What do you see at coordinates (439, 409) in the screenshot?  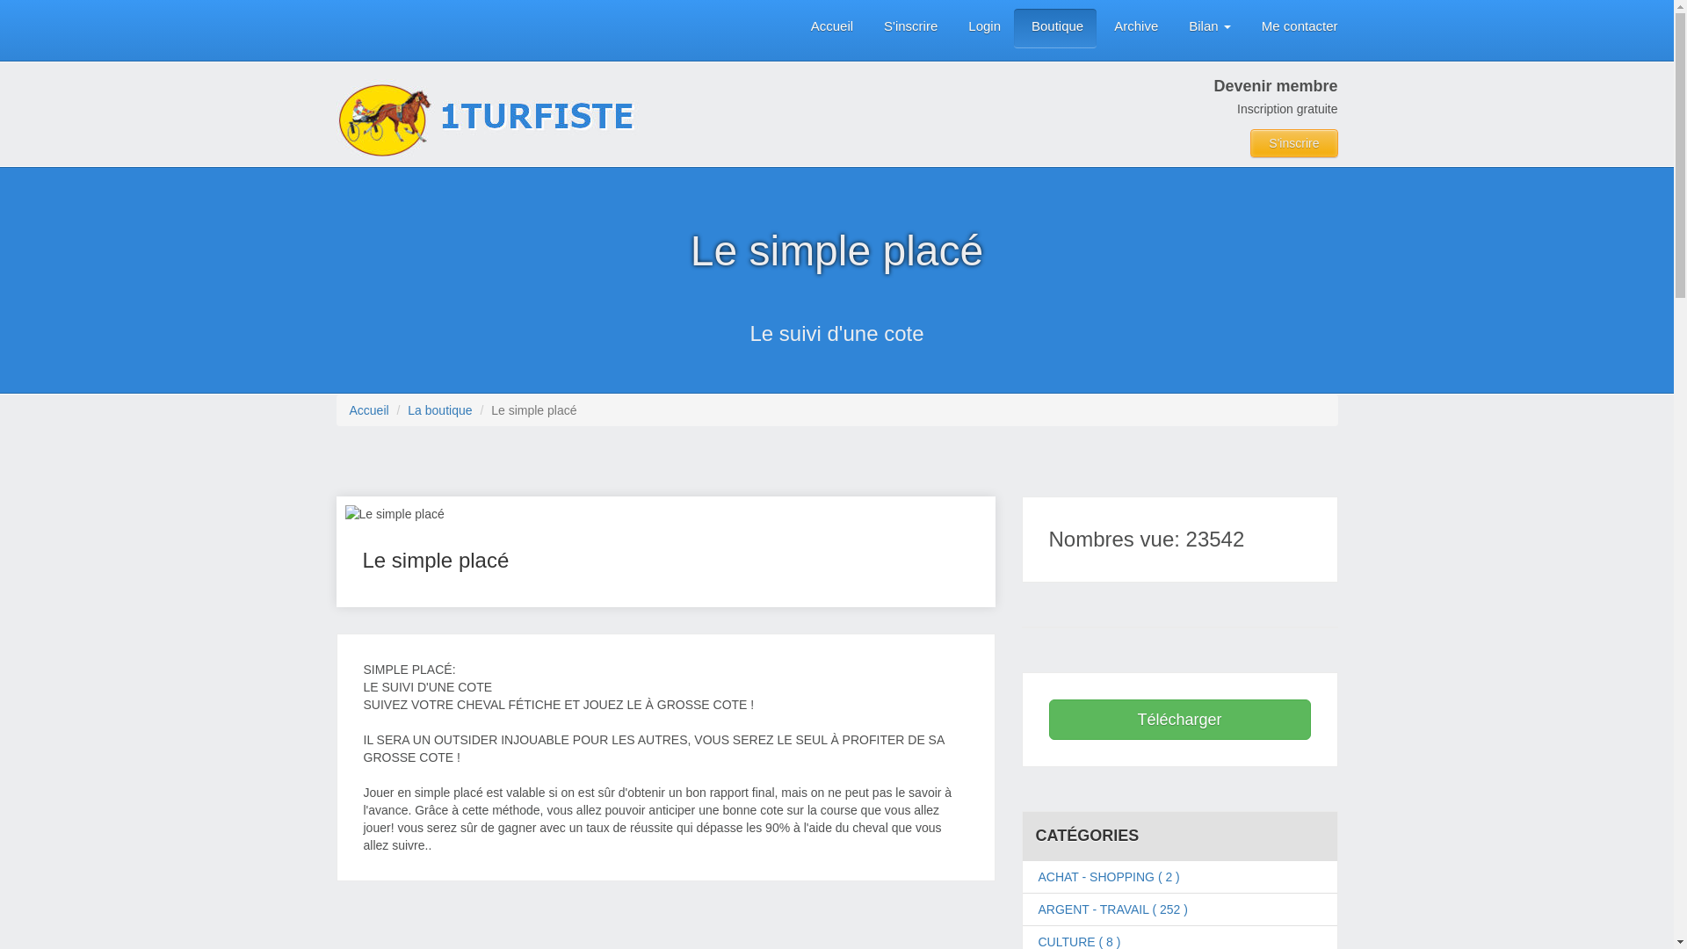 I see `'La boutique'` at bounding box center [439, 409].